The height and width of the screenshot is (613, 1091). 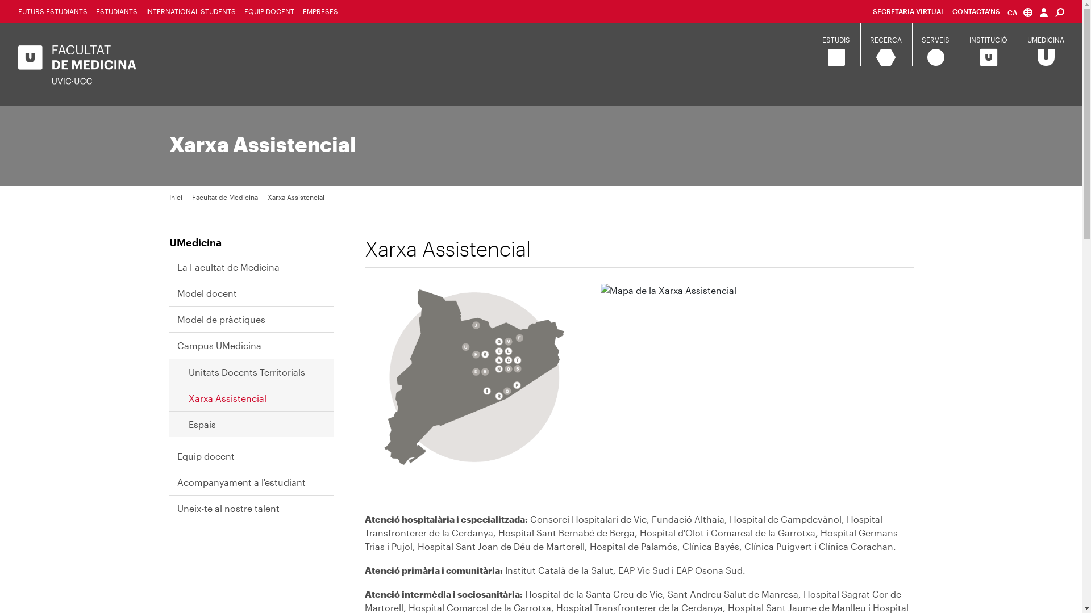 What do you see at coordinates (1020, 12) in the screenshot?
I see `'CA'` at bounding box center [1020, 12].